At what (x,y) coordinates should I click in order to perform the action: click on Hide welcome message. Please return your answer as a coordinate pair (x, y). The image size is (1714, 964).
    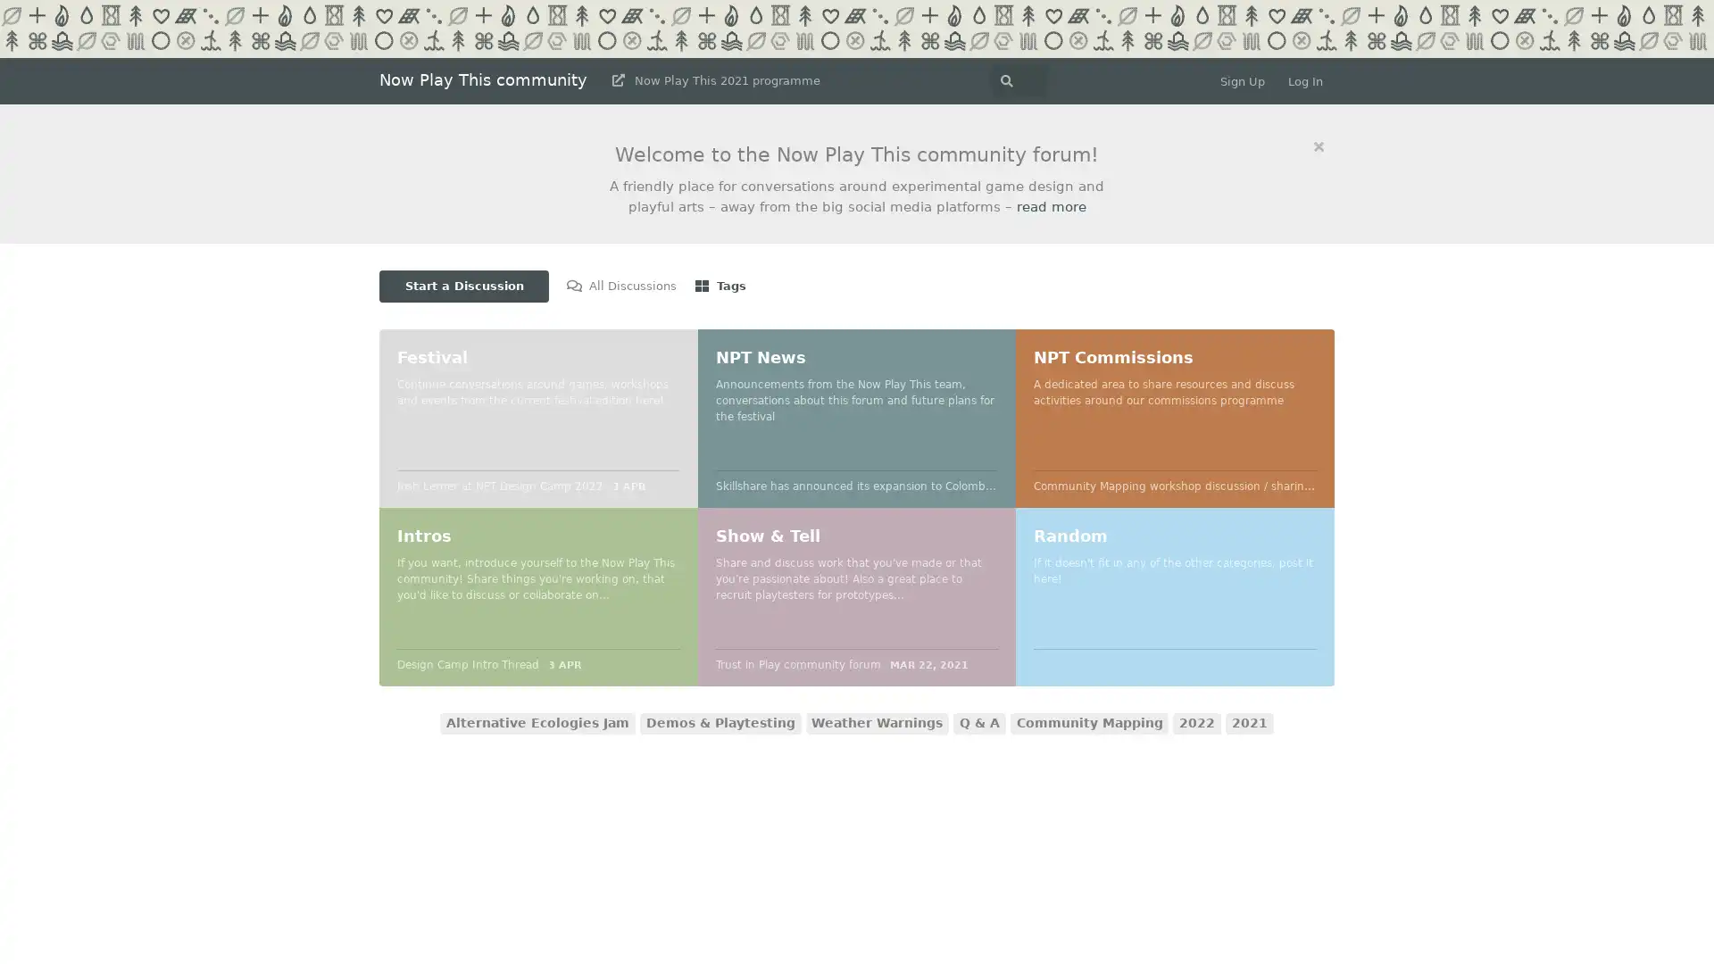
    Looking at the image, I should click on (1319, 146).